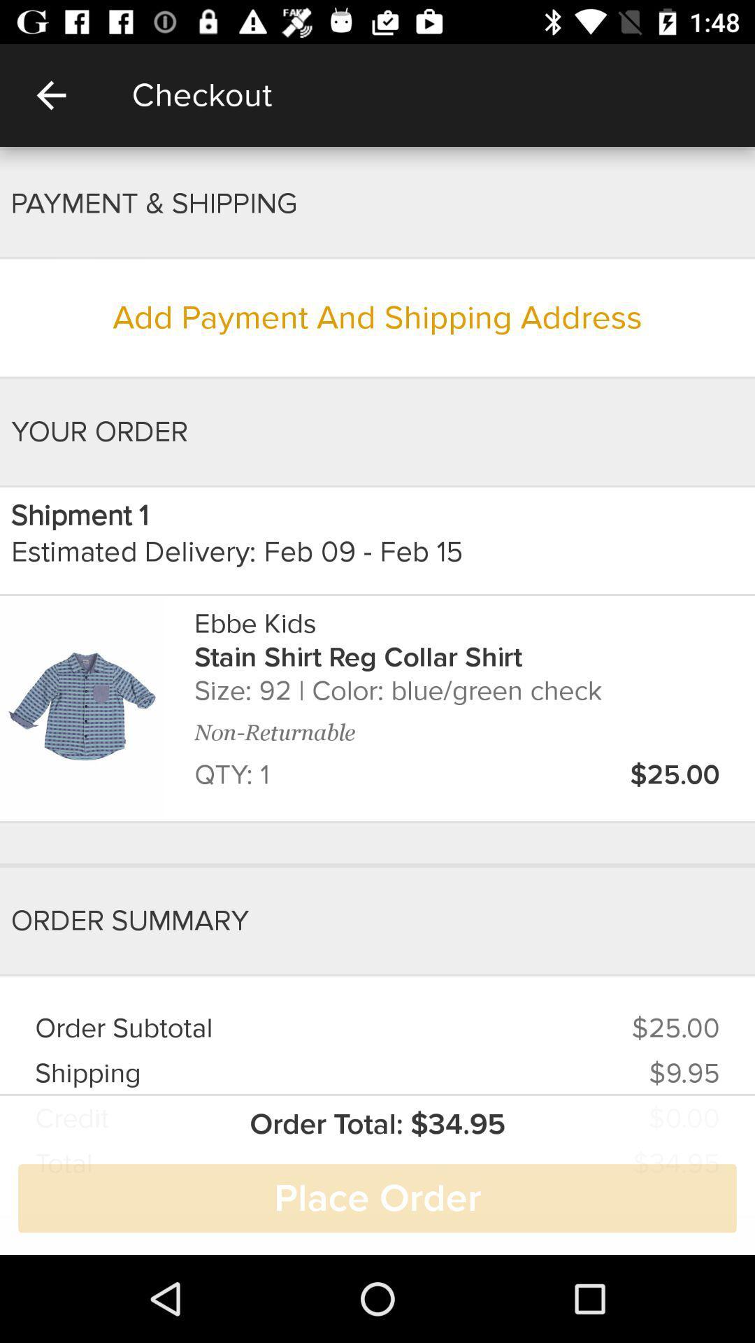  I want to click on the item to the left of checkout item, so click(50, 94).